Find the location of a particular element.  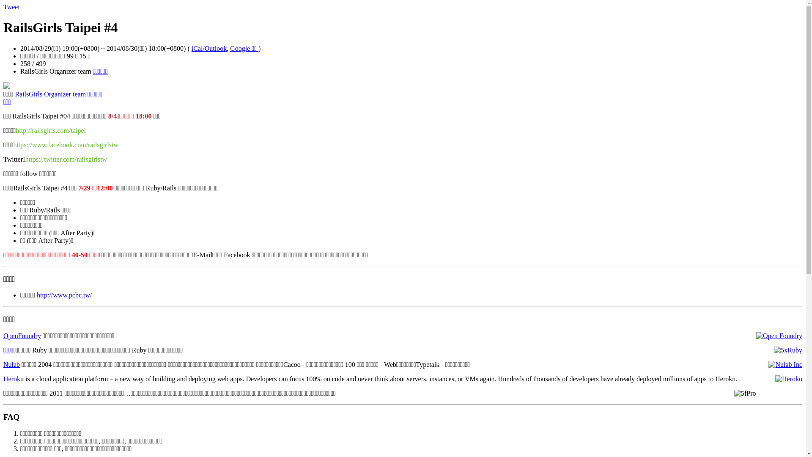

'http://www.pcbc.tw/' is located at coordinates (64, 295).